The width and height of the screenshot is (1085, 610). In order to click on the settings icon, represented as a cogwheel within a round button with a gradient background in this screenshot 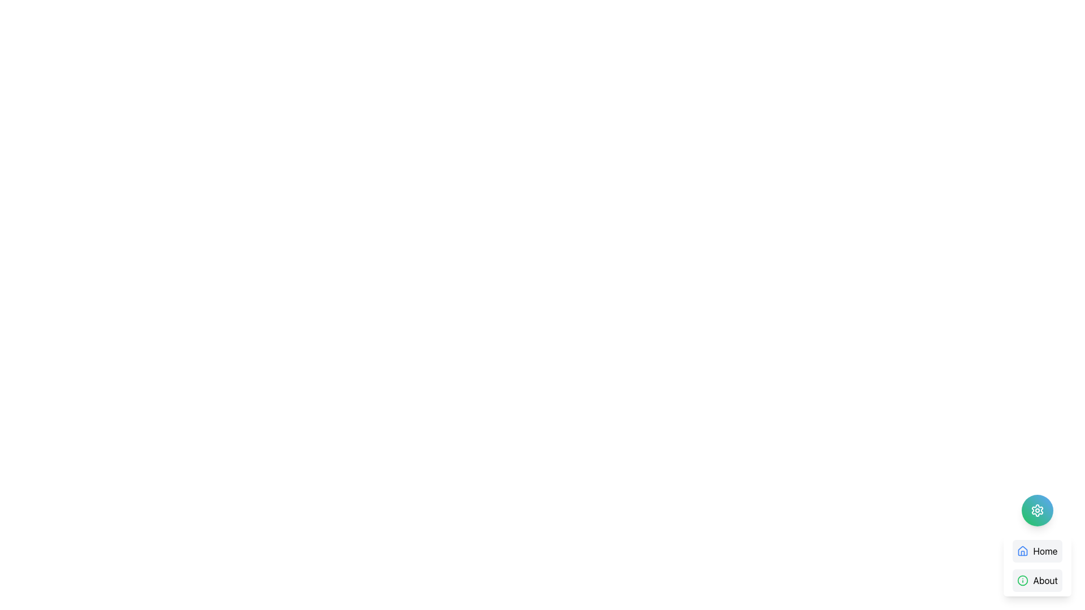, I will do `click(1038, 510)`.